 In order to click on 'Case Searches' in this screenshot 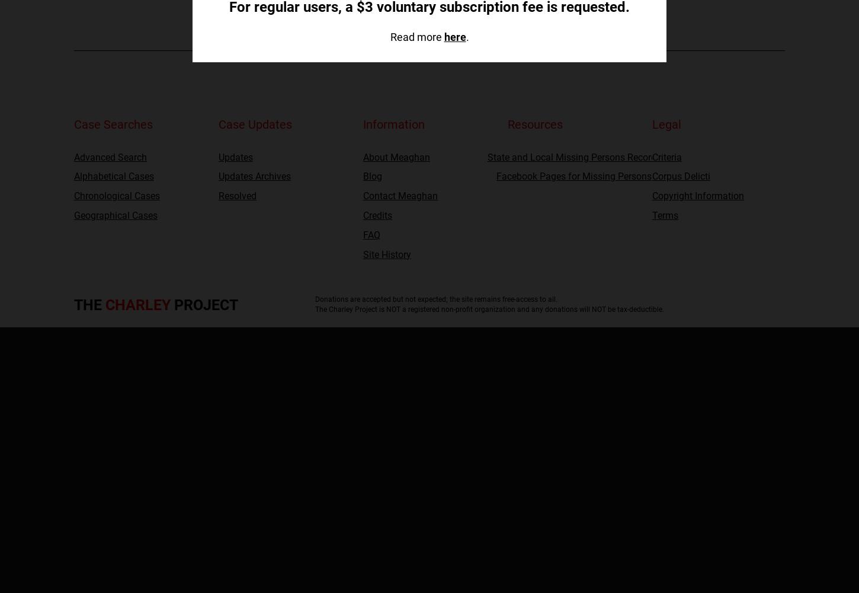, I will do `click(113, 124)`.